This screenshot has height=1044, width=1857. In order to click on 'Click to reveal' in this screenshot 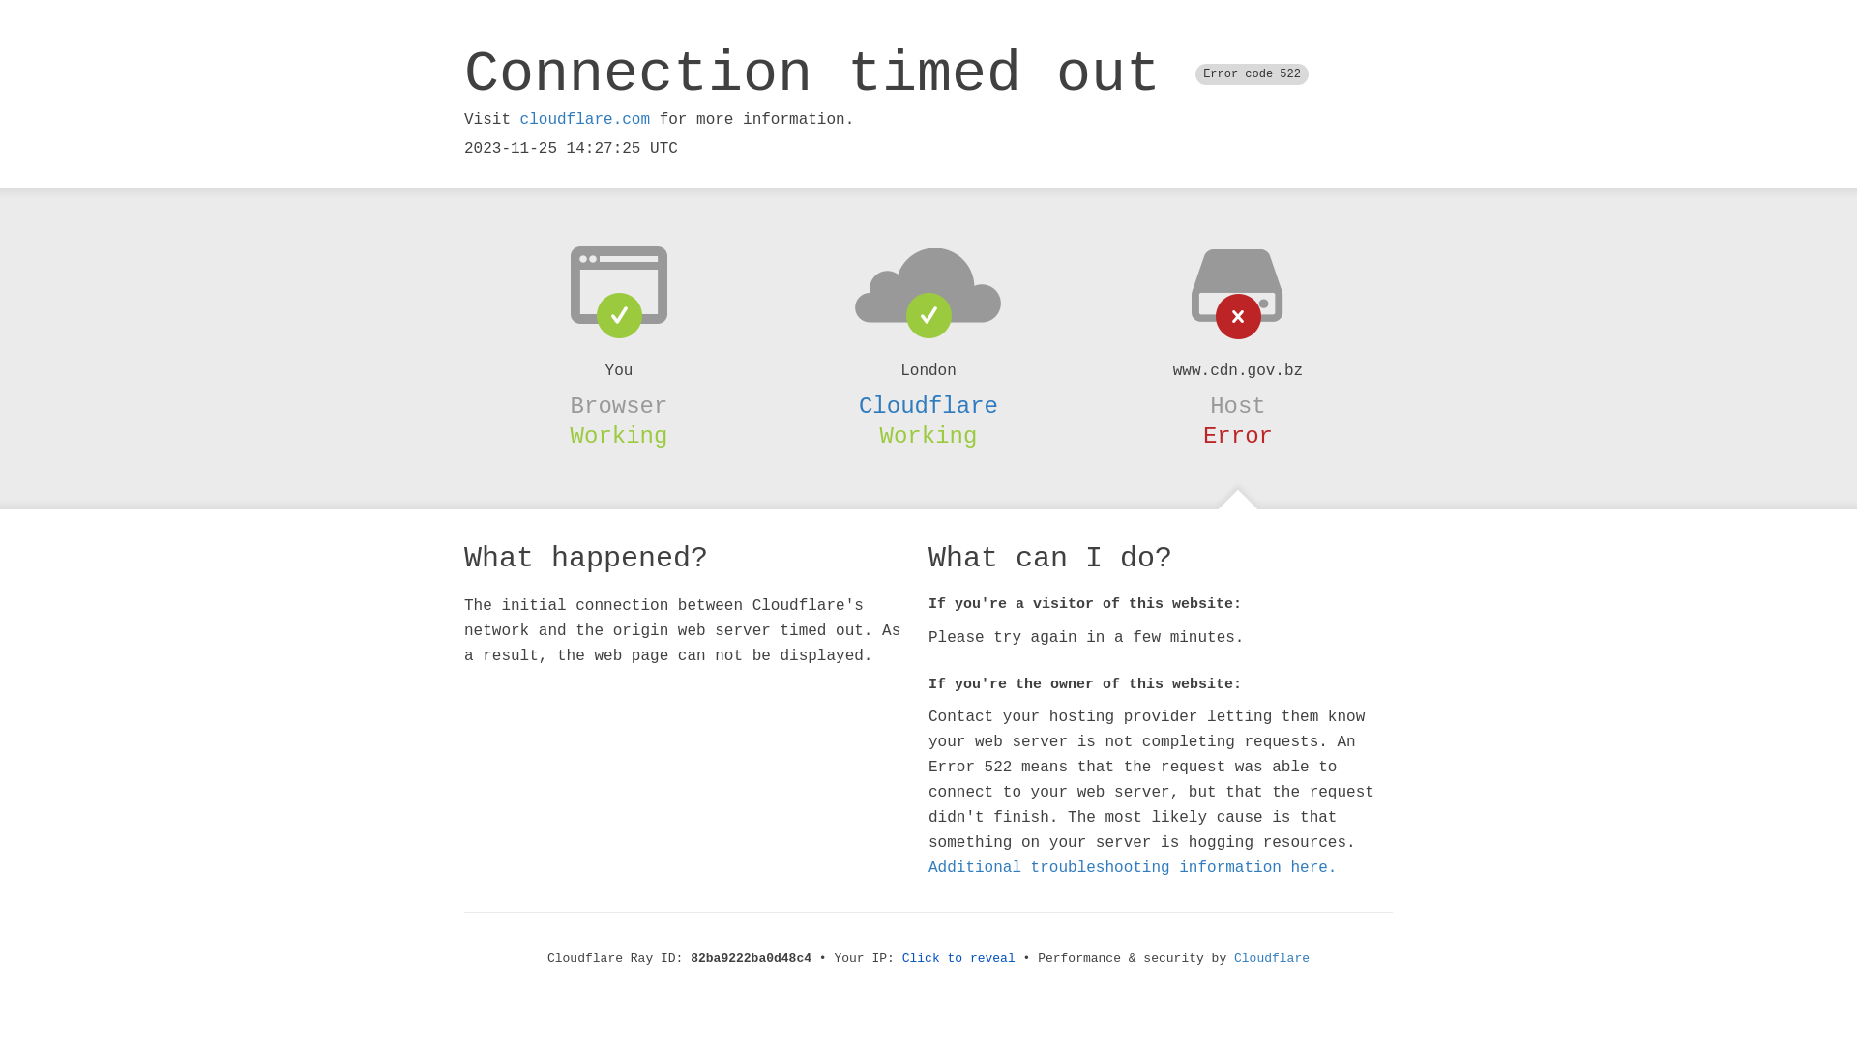, I will do `click(958, 958)`.